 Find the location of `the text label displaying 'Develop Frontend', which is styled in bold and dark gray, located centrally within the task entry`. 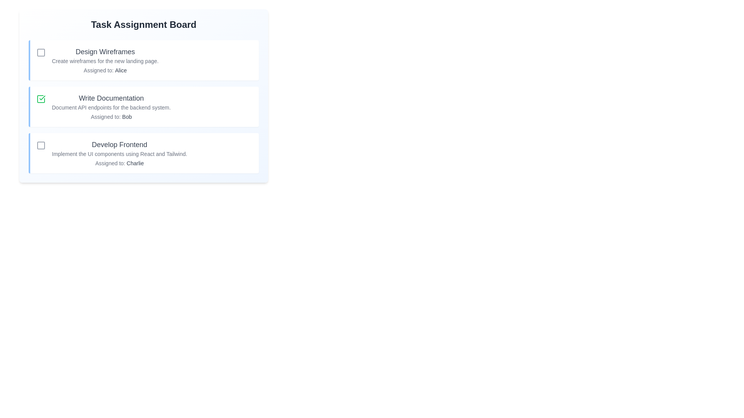

the text label displaying 'Develop Frontend', which is styled in bold and dark gray, located centrally within the task entry is located at coordinates (119, 145).